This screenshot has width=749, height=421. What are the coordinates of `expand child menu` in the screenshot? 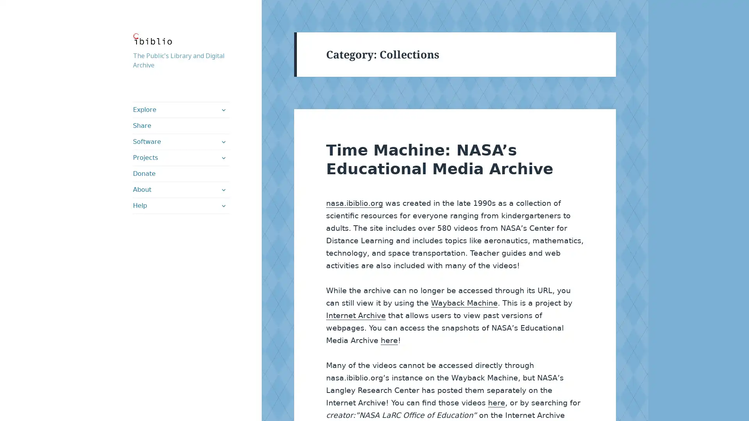 It's located at (222, 110).